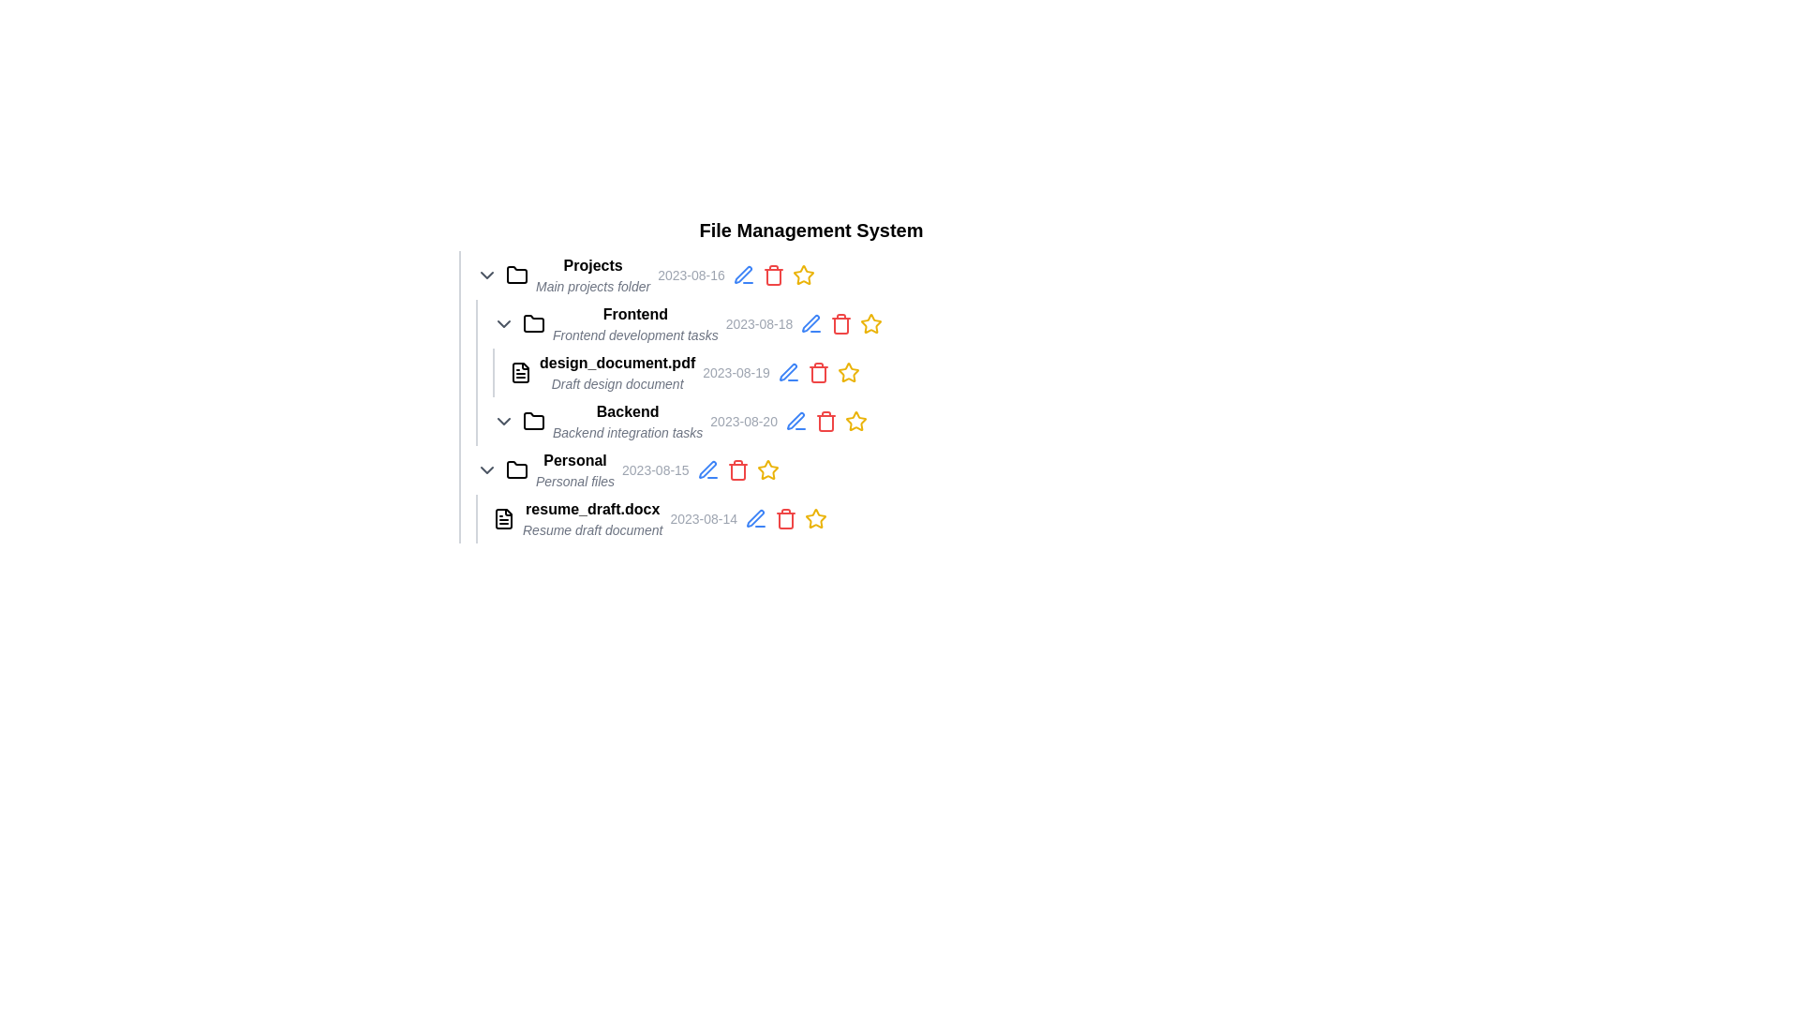  Describe the element at coordinates (503, 323) in the screenshot. I see `the downward-facing chevron icon button indicating a collapsible section next to the 'Frontend' row` at that location.